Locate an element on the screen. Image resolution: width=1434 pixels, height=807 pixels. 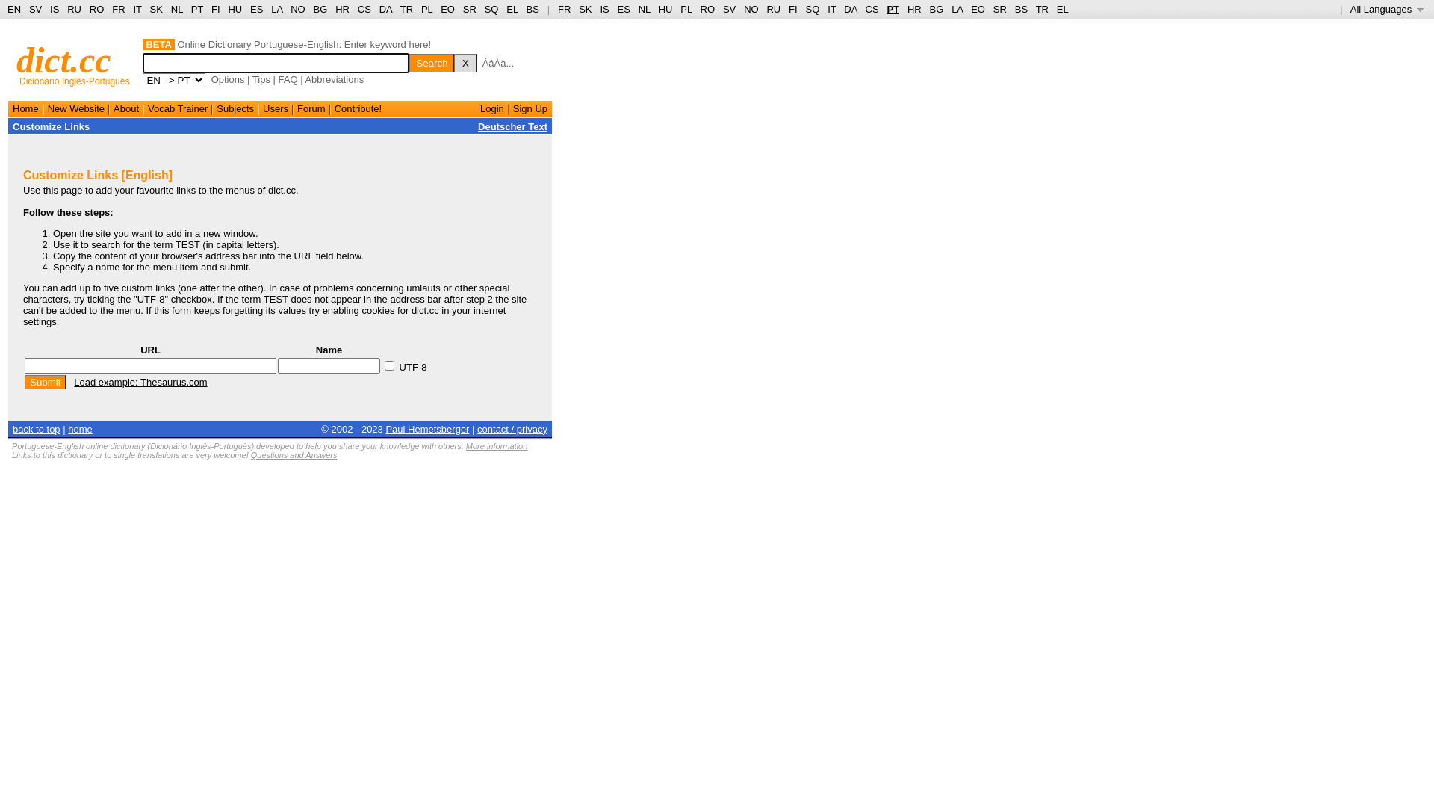
'PL' is located at coordinates (680, 9).